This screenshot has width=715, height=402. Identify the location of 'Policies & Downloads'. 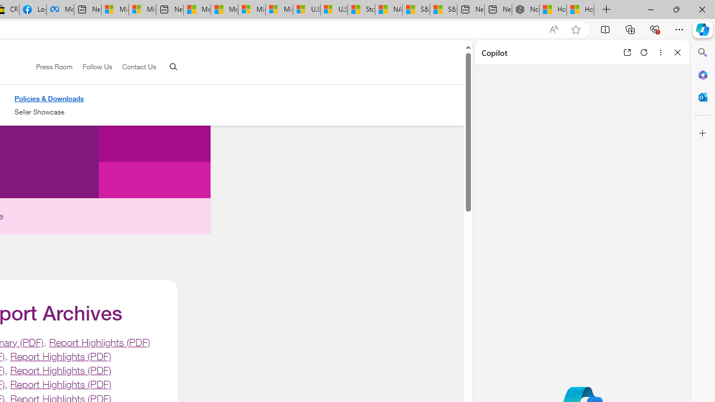
(49, 98).